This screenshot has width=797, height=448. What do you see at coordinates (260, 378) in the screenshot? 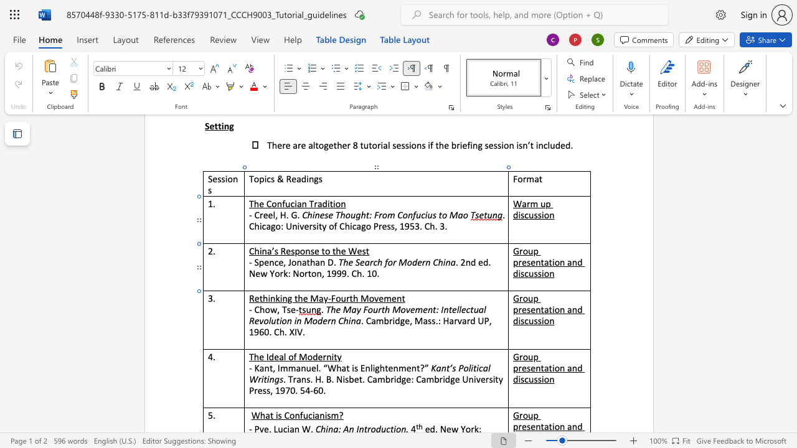
I see `the space between the continuous character "r" and "i" in the text` at bounding box center [260, 378].